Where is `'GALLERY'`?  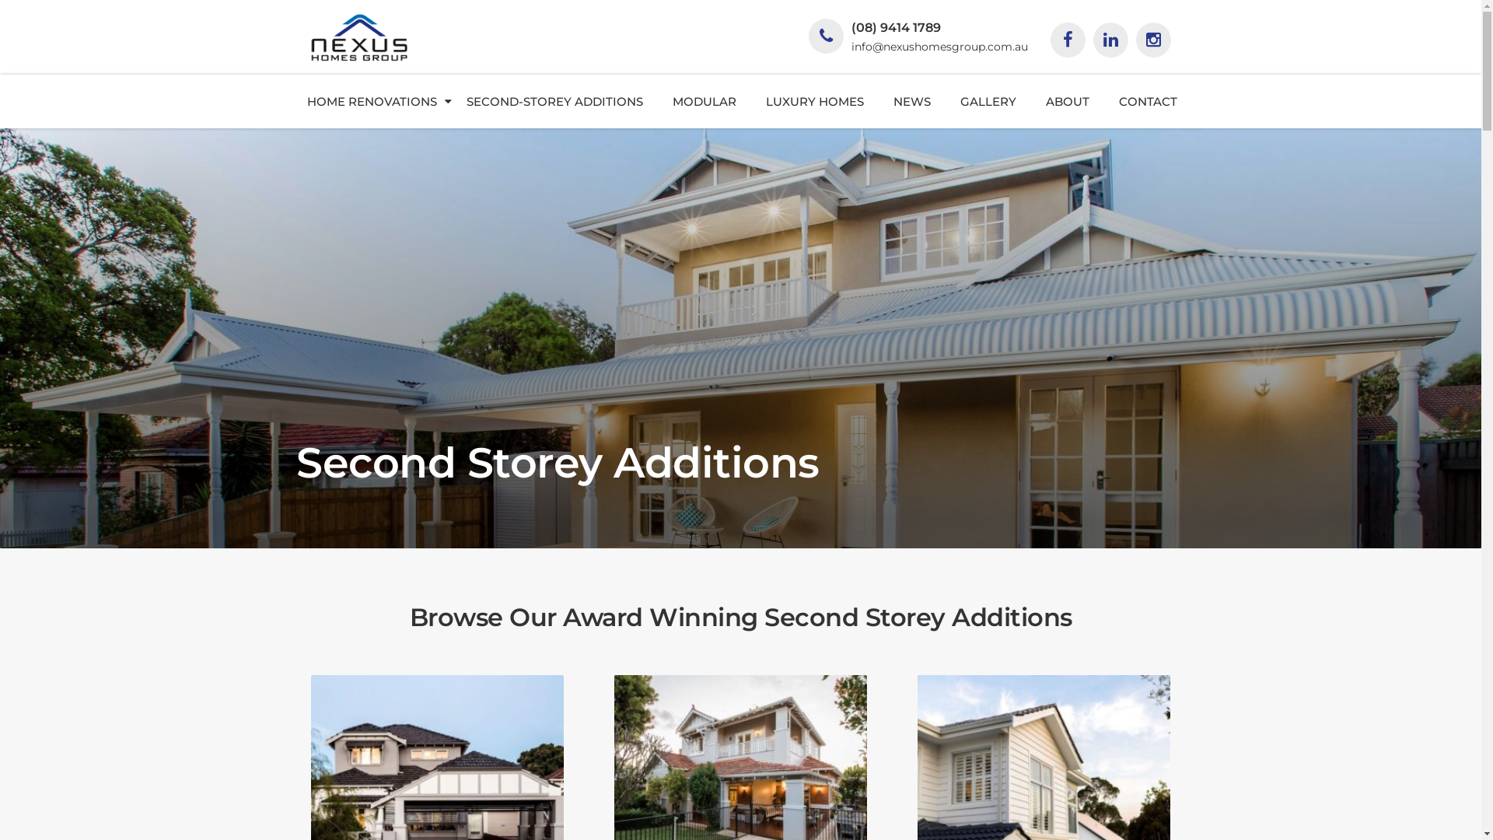
'GALLERY' is located at coordinates (988, 101).